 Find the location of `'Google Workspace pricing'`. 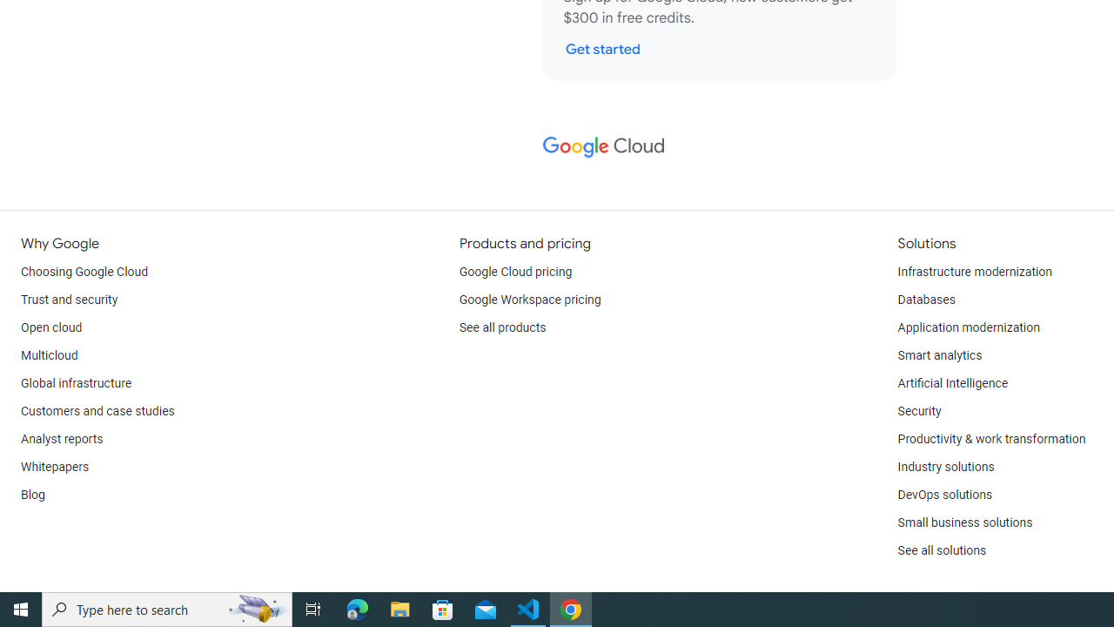

'Google Workspace pricing' is located at coordinates (529, 299).